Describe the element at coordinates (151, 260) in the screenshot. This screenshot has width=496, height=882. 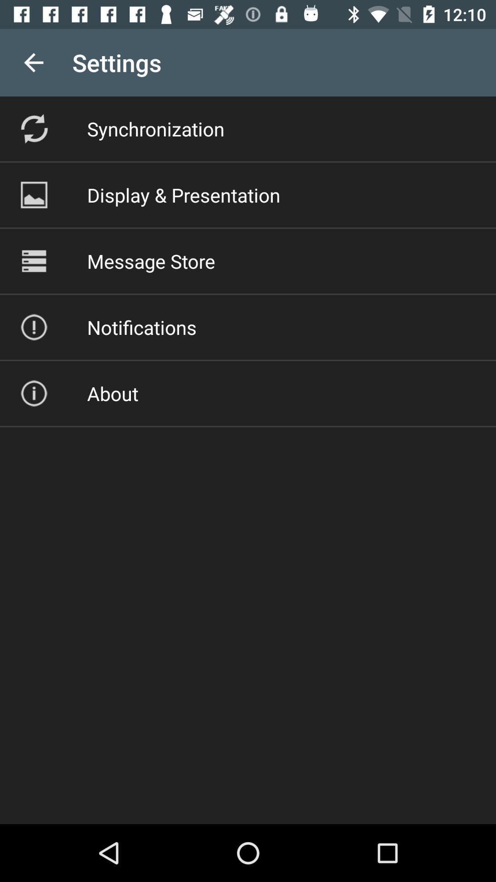
I see `item below display & presentation item` at that location.